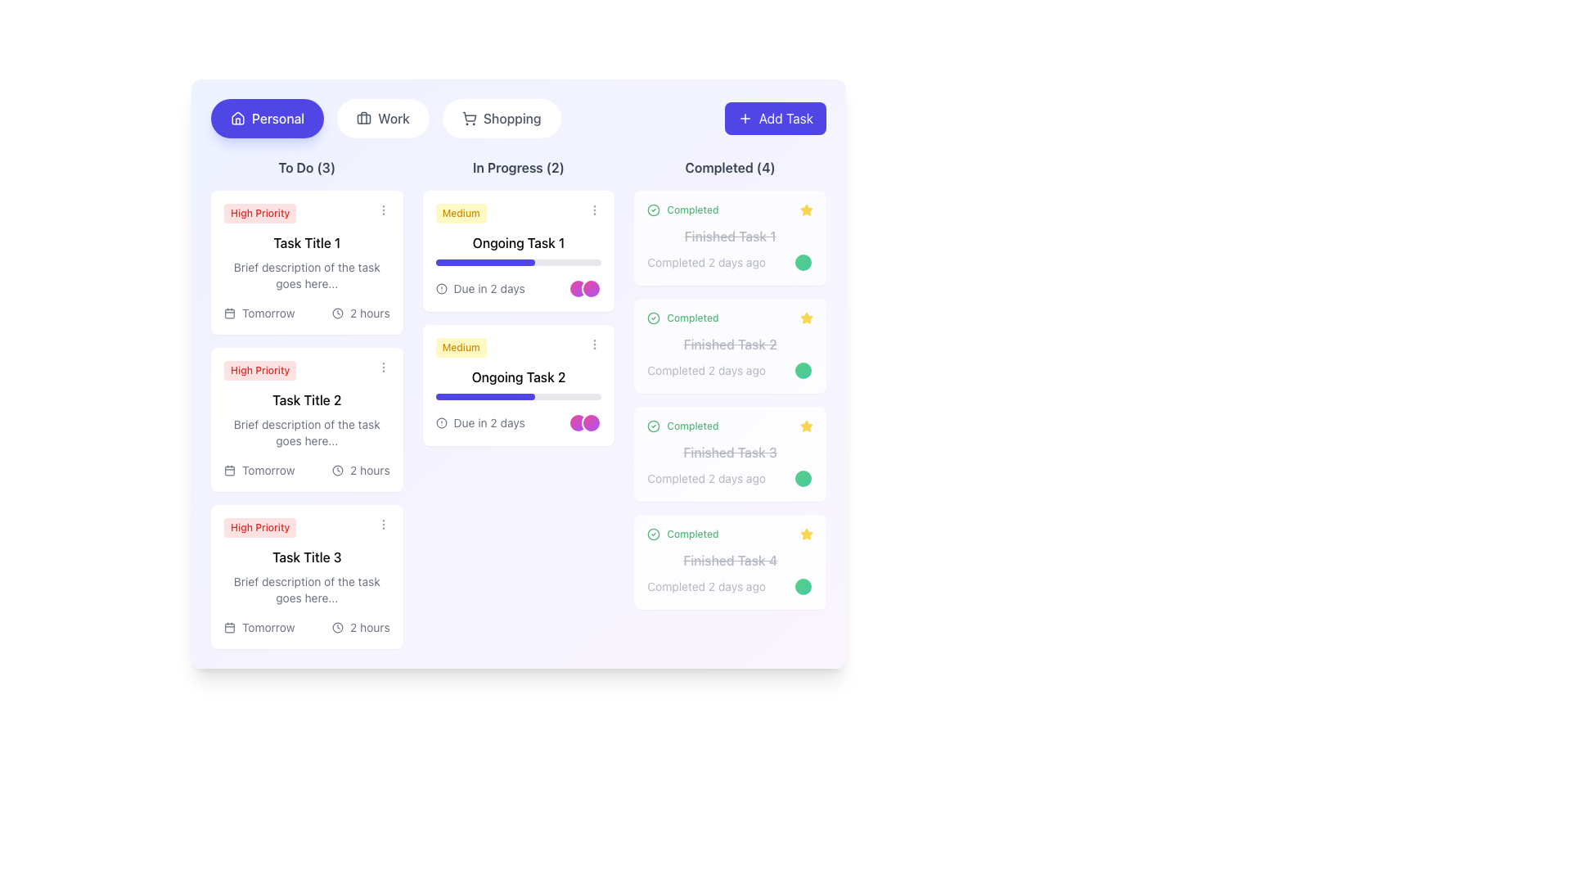 The width and height of the screenshot is (1571, 884). Describe the element at coordinates (804, 586) in the screenshot. I see `the circular status indicator with a gradient color scheme located at the bottom right of the task card labeled 'Finished Task 4' in the 'Completed (4)' section` at that location.